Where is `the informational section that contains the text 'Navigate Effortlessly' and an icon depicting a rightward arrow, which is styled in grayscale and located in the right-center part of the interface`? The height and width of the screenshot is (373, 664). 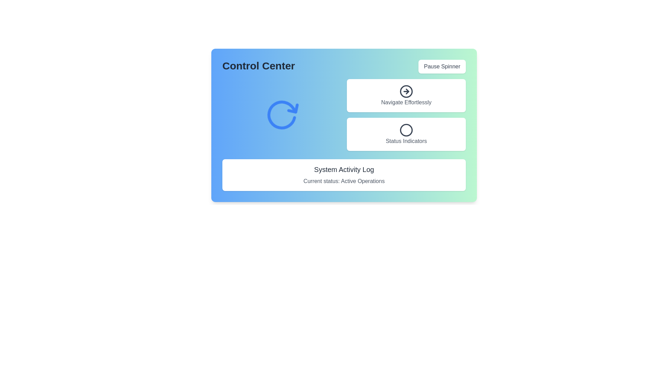 the informational section that contains the text 'Navigate Effortlessly' and an icon depicting a rightward arrow, which is styled in grayscale and located in the right-center part of the interface is located at coordinates (406, 96).